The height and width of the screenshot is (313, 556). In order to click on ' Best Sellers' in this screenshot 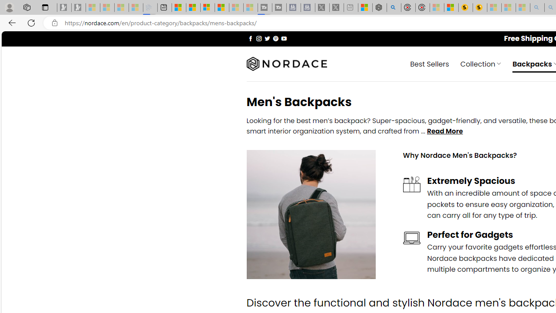, I will do `click(430, 63)`.